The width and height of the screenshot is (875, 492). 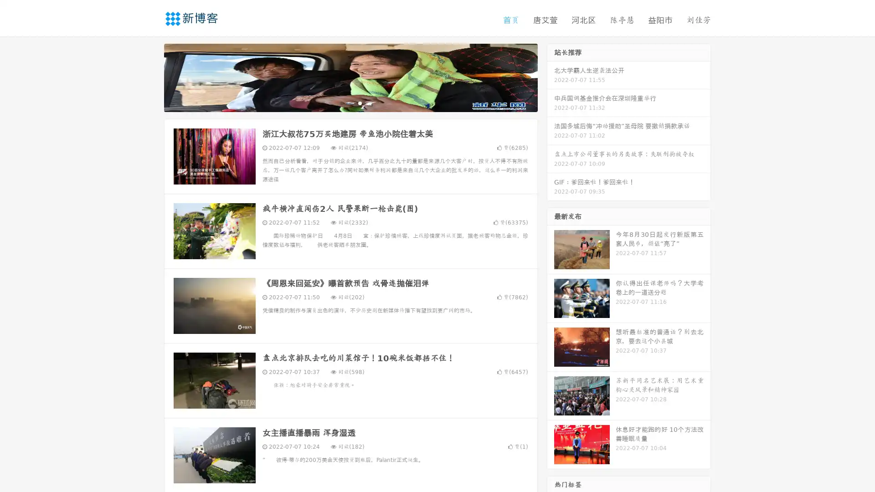 I want to click on Next slide, so click(x=551, y=77).